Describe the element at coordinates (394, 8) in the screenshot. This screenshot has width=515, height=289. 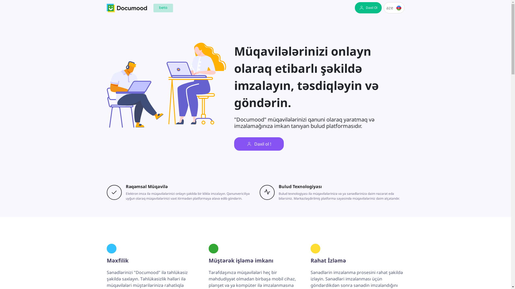
I see `'aze'` at that location.